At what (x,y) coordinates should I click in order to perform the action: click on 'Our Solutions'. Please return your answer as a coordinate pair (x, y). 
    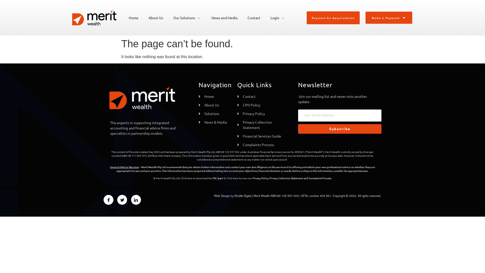
    Looking at the image, I should click on (168, 17).